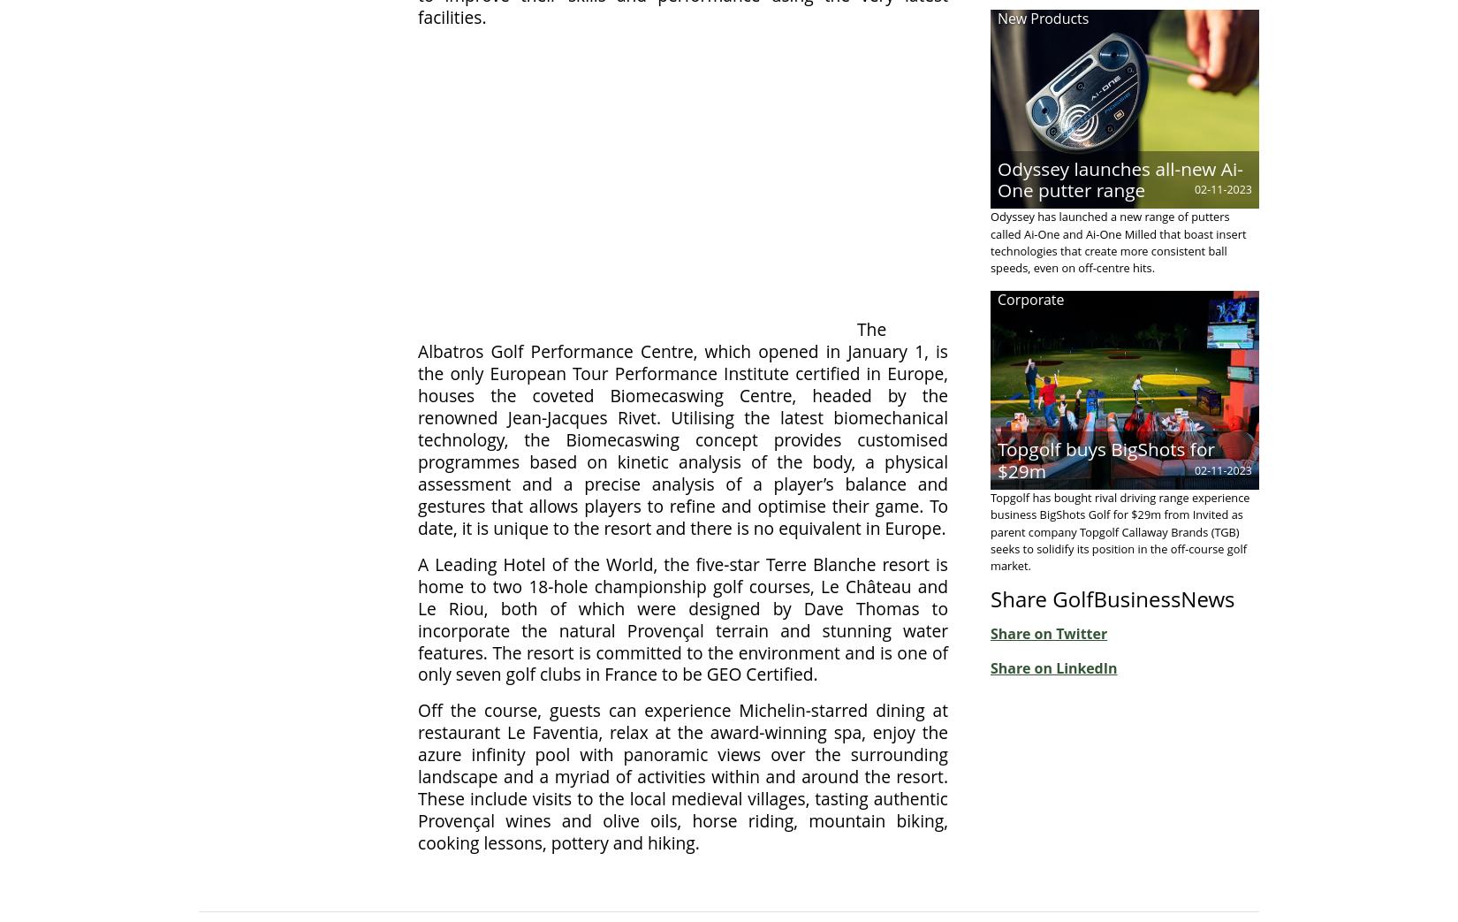  Describe the element at coordinates (1043, 17) in the screenshot. I see `'New Products'` at that location.